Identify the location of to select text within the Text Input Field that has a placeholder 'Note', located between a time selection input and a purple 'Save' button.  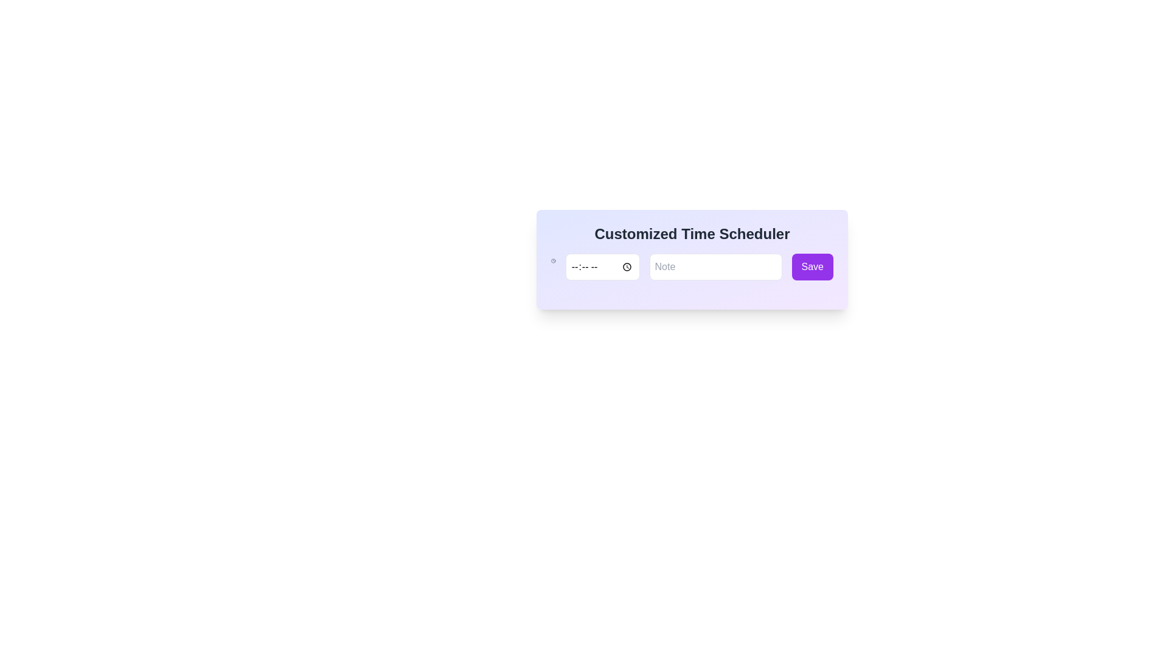
(715, 266).